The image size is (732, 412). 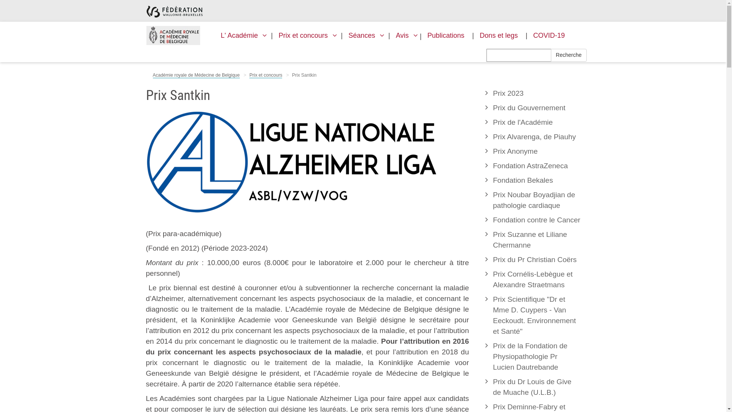 What do you see at coordinates (527, 35) in the screenshot?
I see `'COVID-19'` at bounding box center [527, 35].